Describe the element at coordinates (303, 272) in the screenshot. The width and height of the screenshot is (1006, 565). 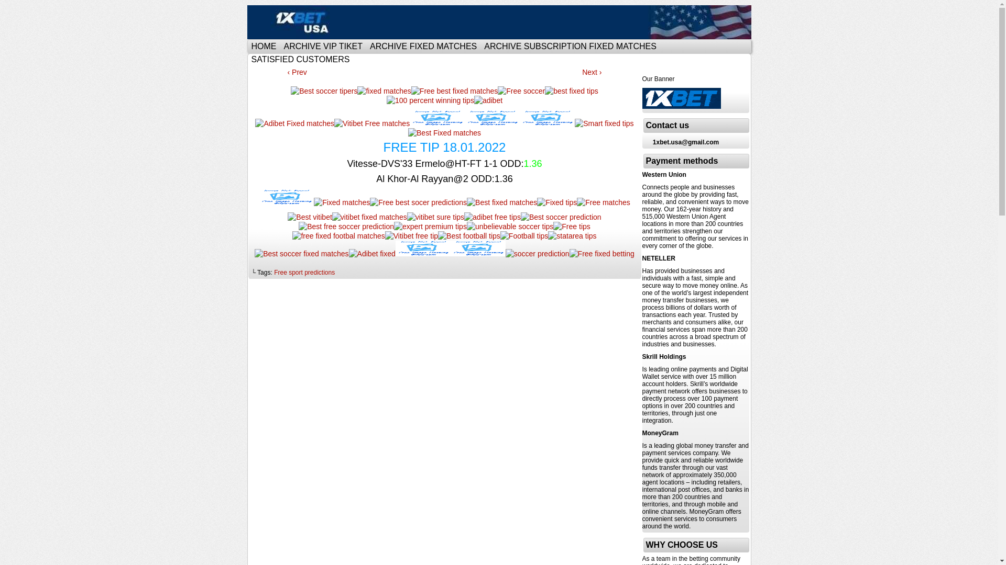
I see `'Free sport predictions'` at that location.